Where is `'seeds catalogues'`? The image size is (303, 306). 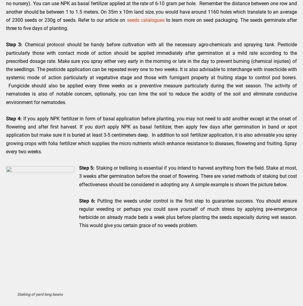 'seeds catalogues' is located at coordinates (145, 19).